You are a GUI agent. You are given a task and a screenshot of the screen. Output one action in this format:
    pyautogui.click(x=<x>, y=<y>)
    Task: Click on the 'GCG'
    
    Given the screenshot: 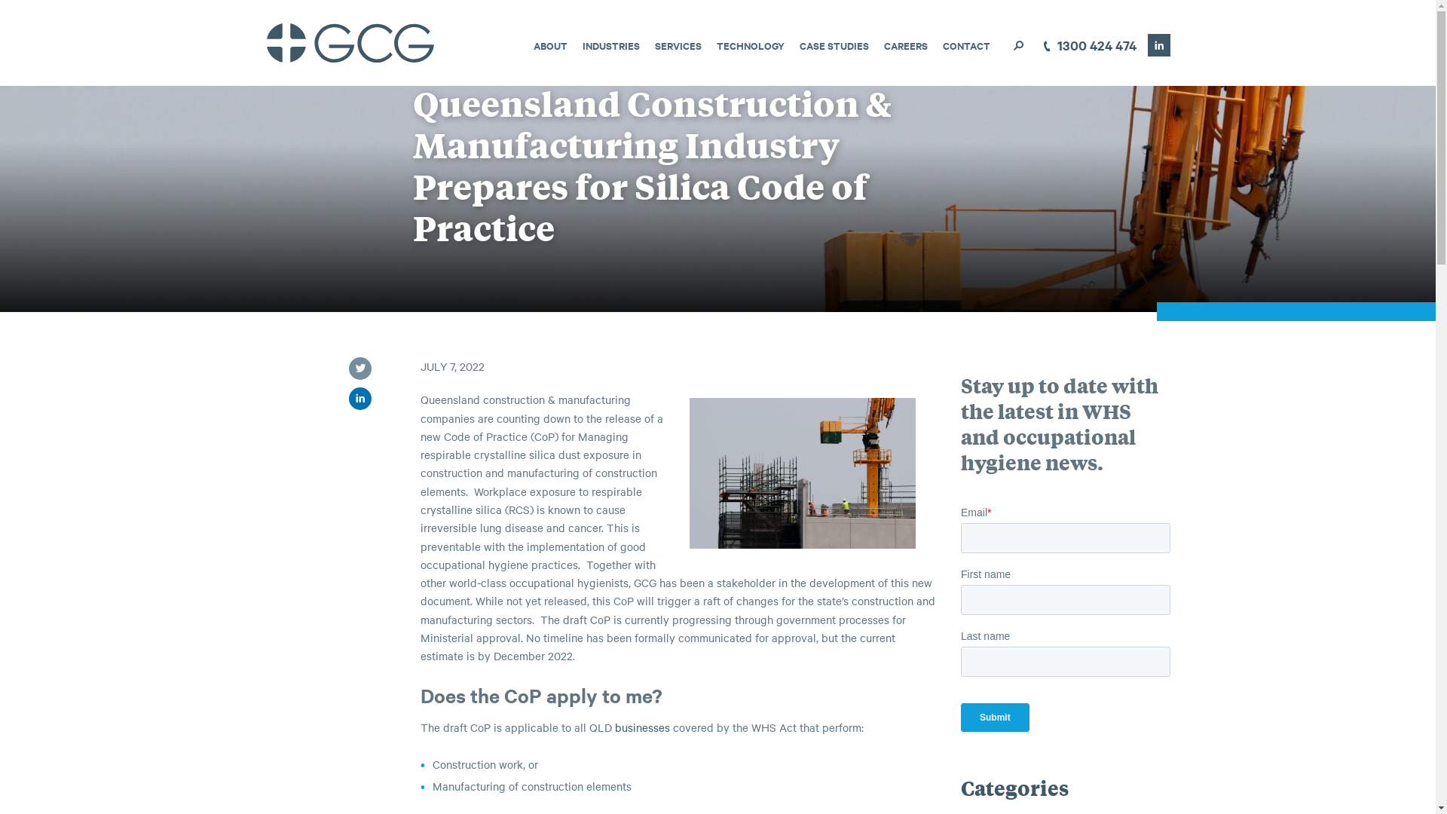 What is the action you would take?
    pyautogui.click(x=265, y=42)
    